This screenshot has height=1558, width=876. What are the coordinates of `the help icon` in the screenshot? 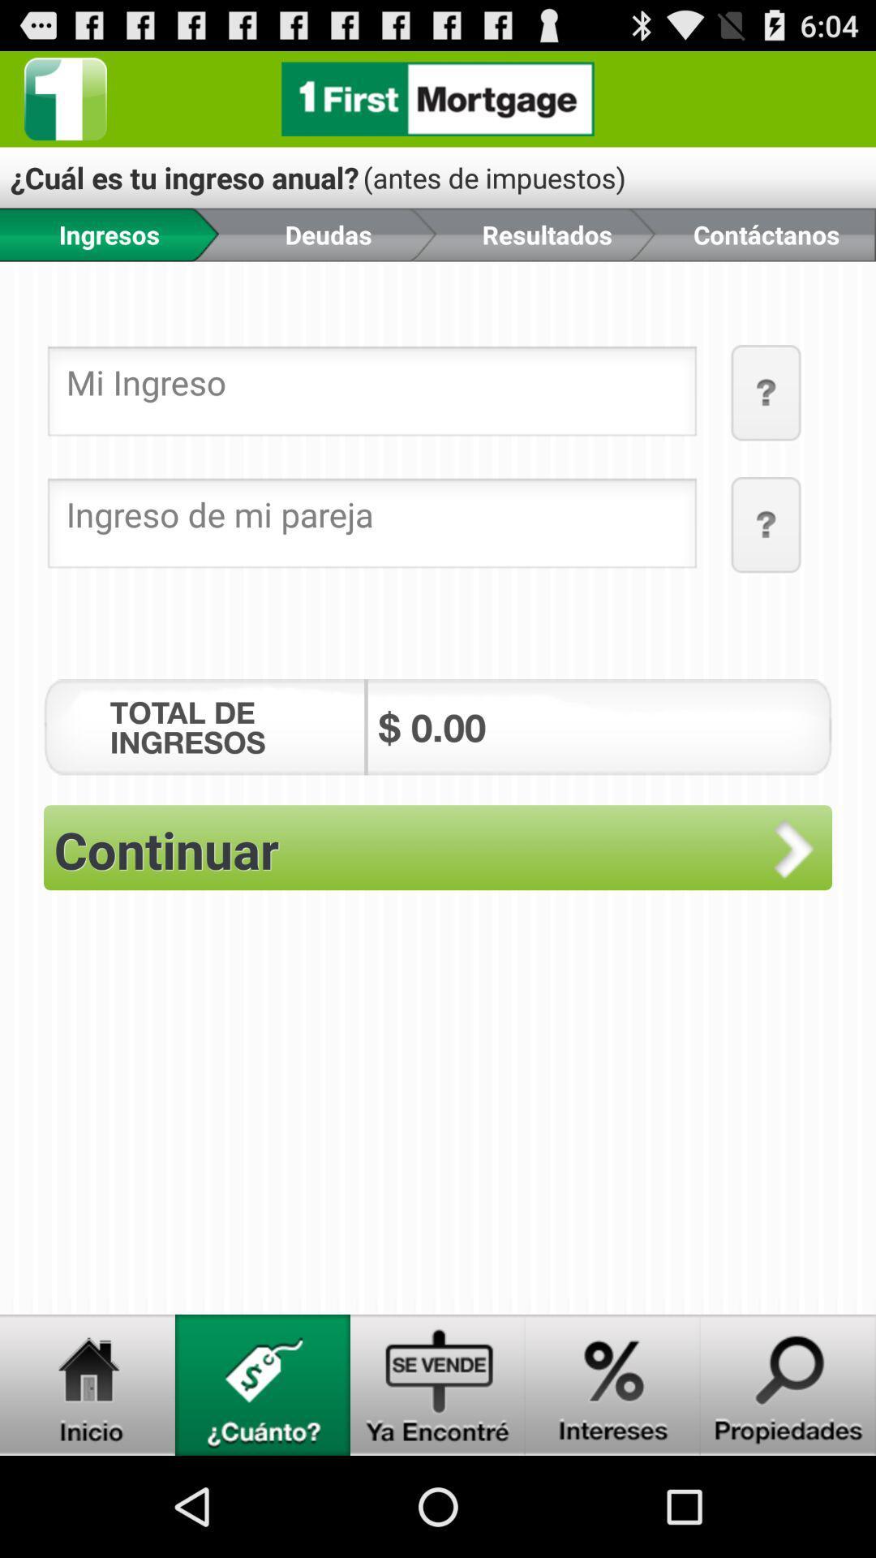 It's located at (766, 421).